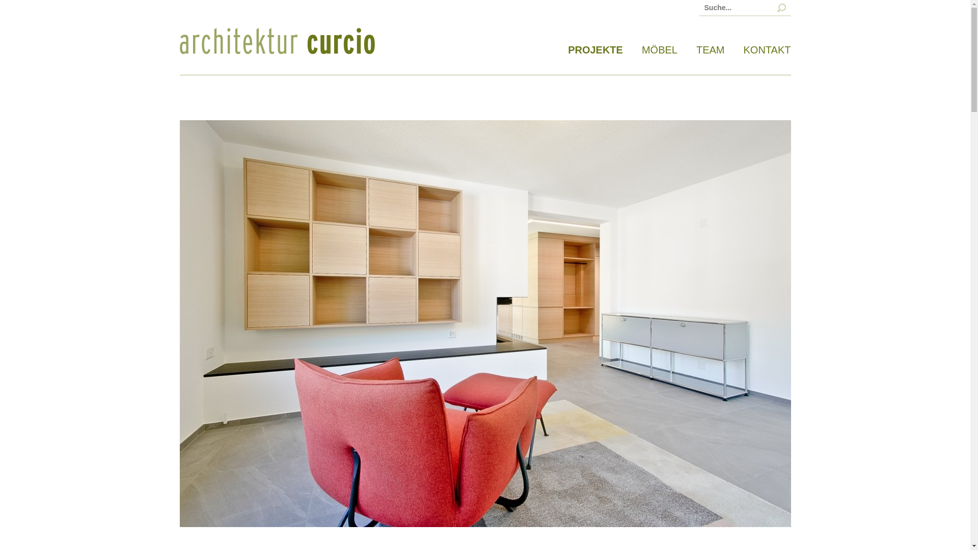 Image resolution: width=978 pixels, height=550 pixels. What do you see at coordinates (595, 49) in the screenshot?
I see `'PROJEKTE'` at bounding box center [595, 49].